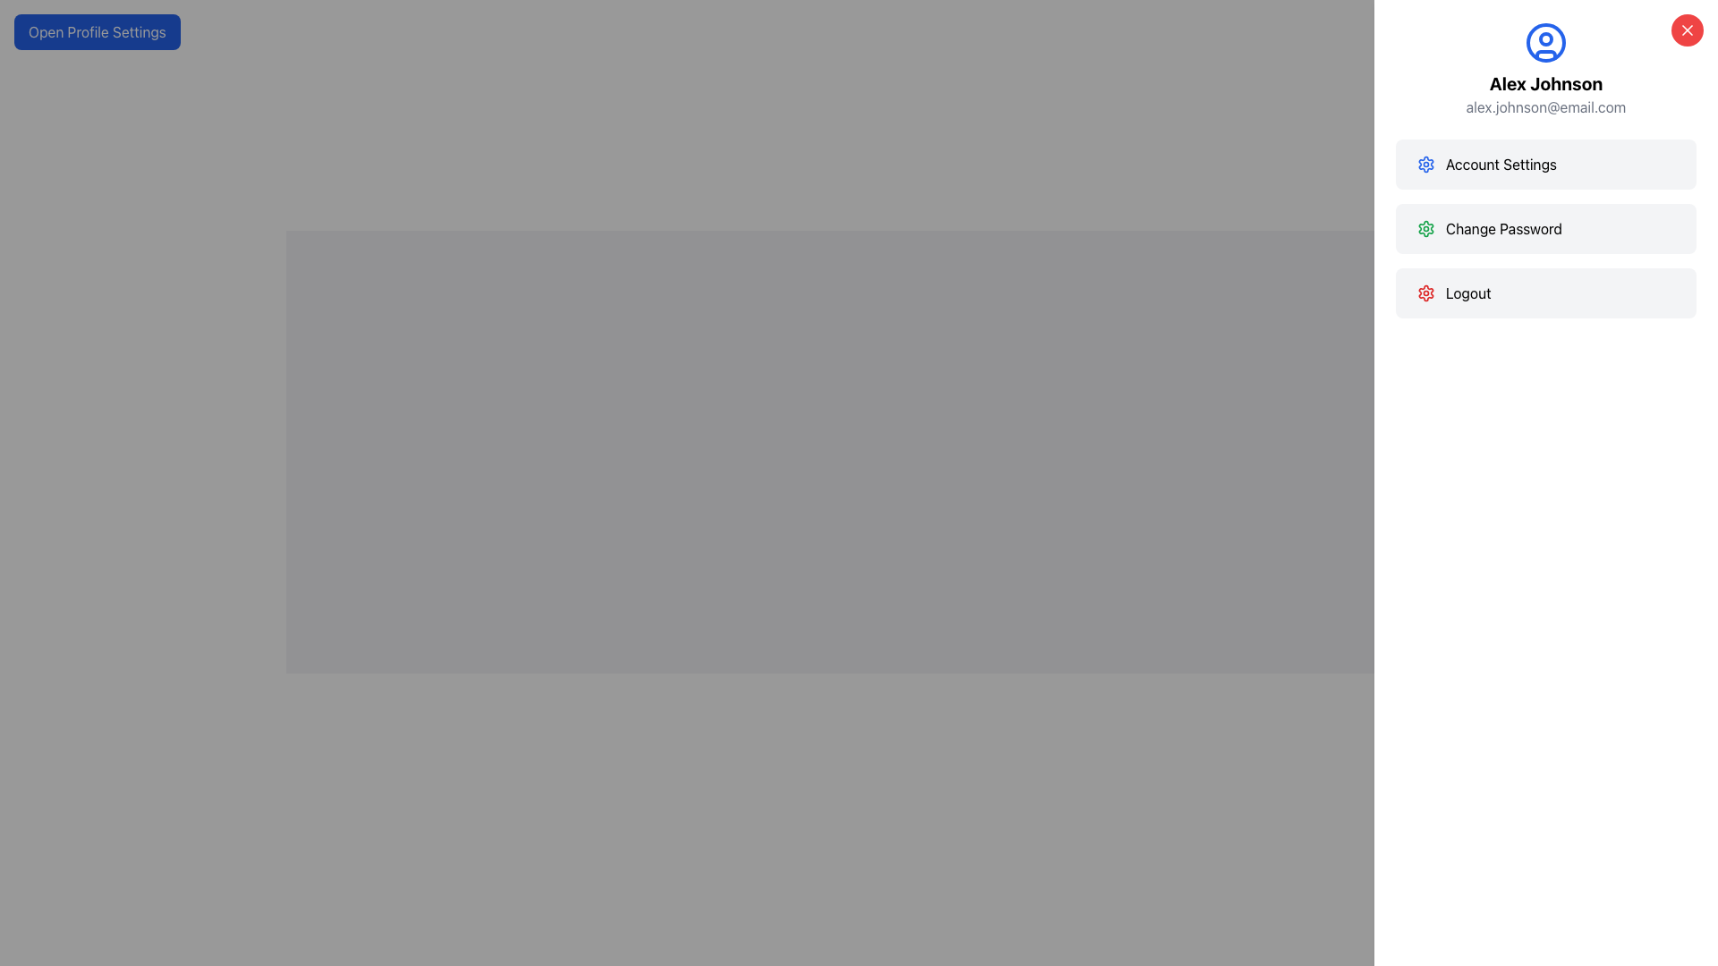 Image resolution: width=1718 pixels, height=966 pixels. What do you see at coordinates (1545, 38) in the screenshot?
I see `the small circular graphical component representing the head in the user profile icon, located at the top center of the icon` at bounding box center [1545, 38].